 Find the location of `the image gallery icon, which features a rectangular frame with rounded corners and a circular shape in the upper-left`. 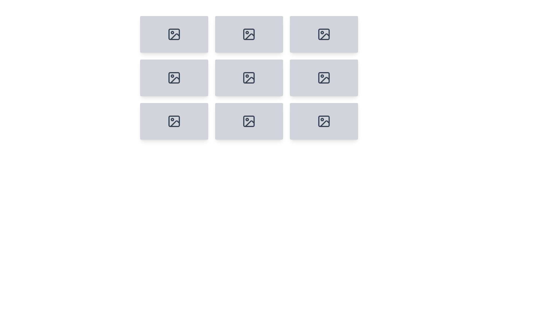

the image gallery icon, which features a rectangular frame with rounded corners and a circular shape in the upper-left is located at coordinates (249, 78).